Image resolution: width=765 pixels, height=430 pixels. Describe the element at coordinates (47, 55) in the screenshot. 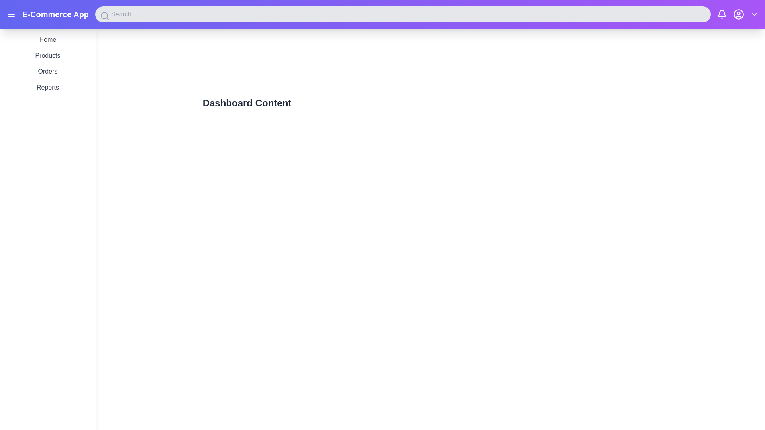

I see `the 'Products' navigation link located in the sidebar menu` at that location.